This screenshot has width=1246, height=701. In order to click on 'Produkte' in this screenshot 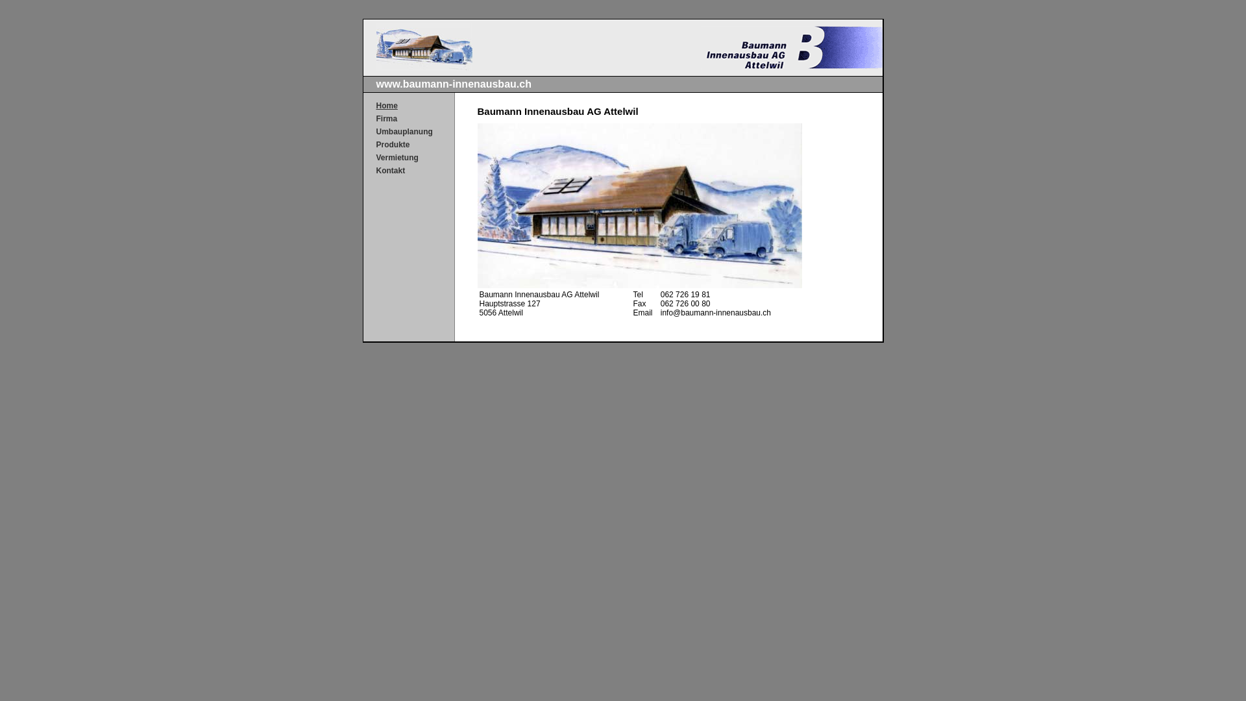, I will do `click(408, 145)`.